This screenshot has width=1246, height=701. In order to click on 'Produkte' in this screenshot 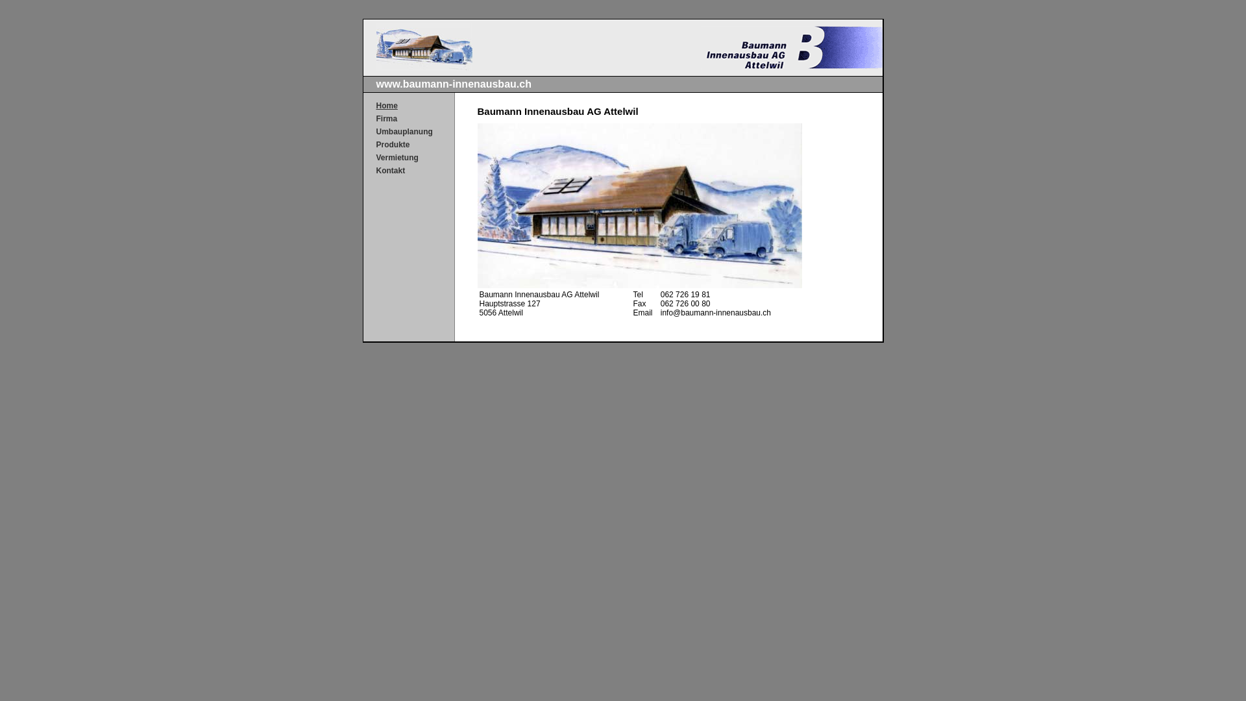, I will do `click(408, 145)`.